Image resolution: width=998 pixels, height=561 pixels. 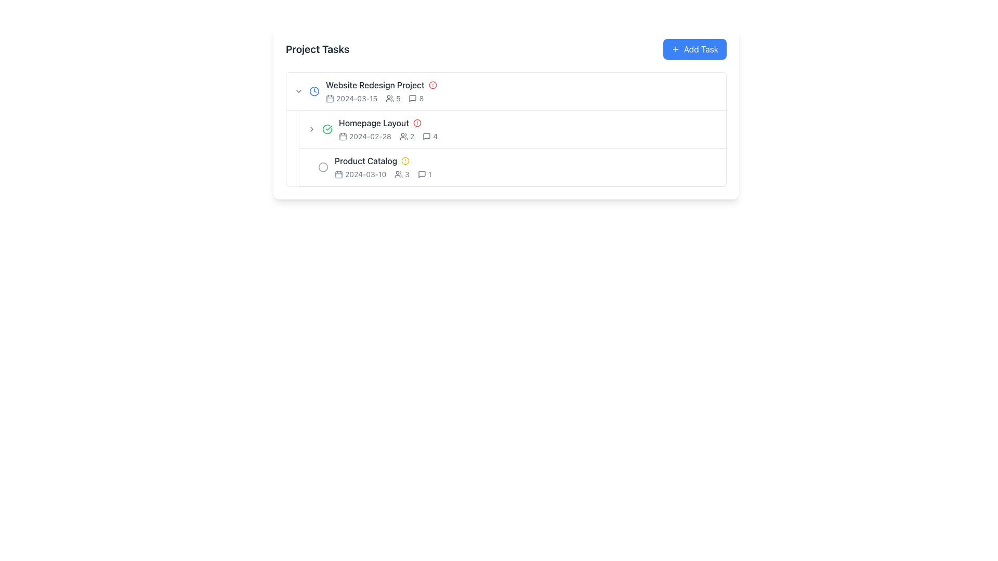 What do you see at coordinates (416, 98) in the screenshot?
I see `digit '8' displayed in a small font beside the comment icon in the first row of the task list for the 'Website Redesign Project.'` at bounding box center [416, 98].